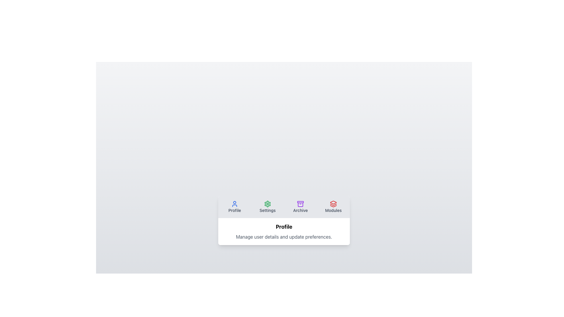 The width and height of the screenshot is (564, 317). What do you see at coordinates (300, 210) in the screenshot?
I see `the text label that indicates the archive functionality, located beneath the purple archive icon in the bottom center of the interface` at bounding box center [300, 210].